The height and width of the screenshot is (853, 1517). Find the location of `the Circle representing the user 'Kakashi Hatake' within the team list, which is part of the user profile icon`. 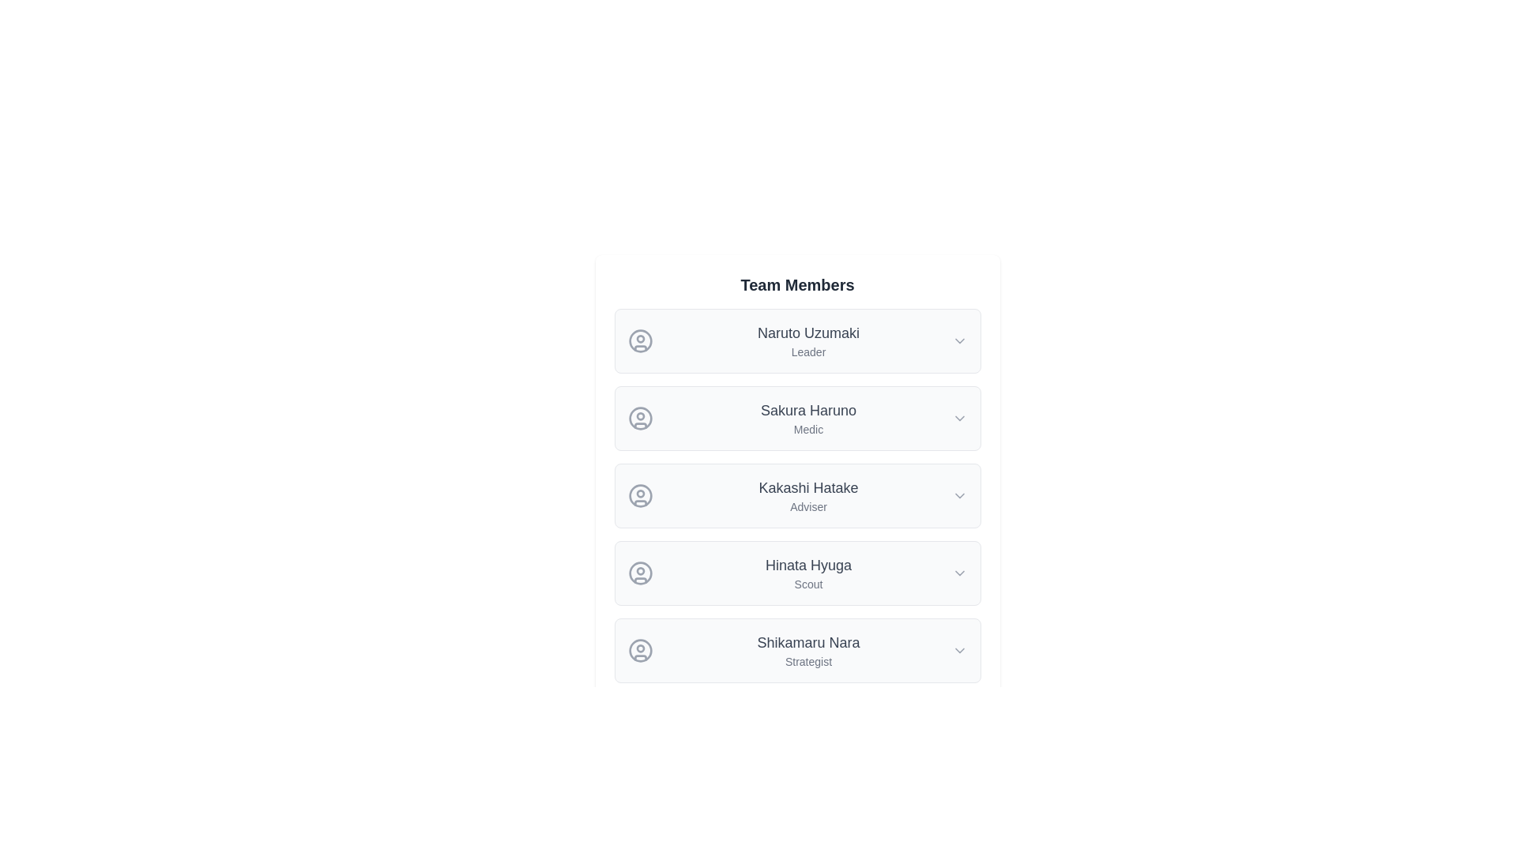

the Circle representing the user 'Kakashi Hatake' within the team list, which is part of the user profile icon is located at coordinates (640, 495).